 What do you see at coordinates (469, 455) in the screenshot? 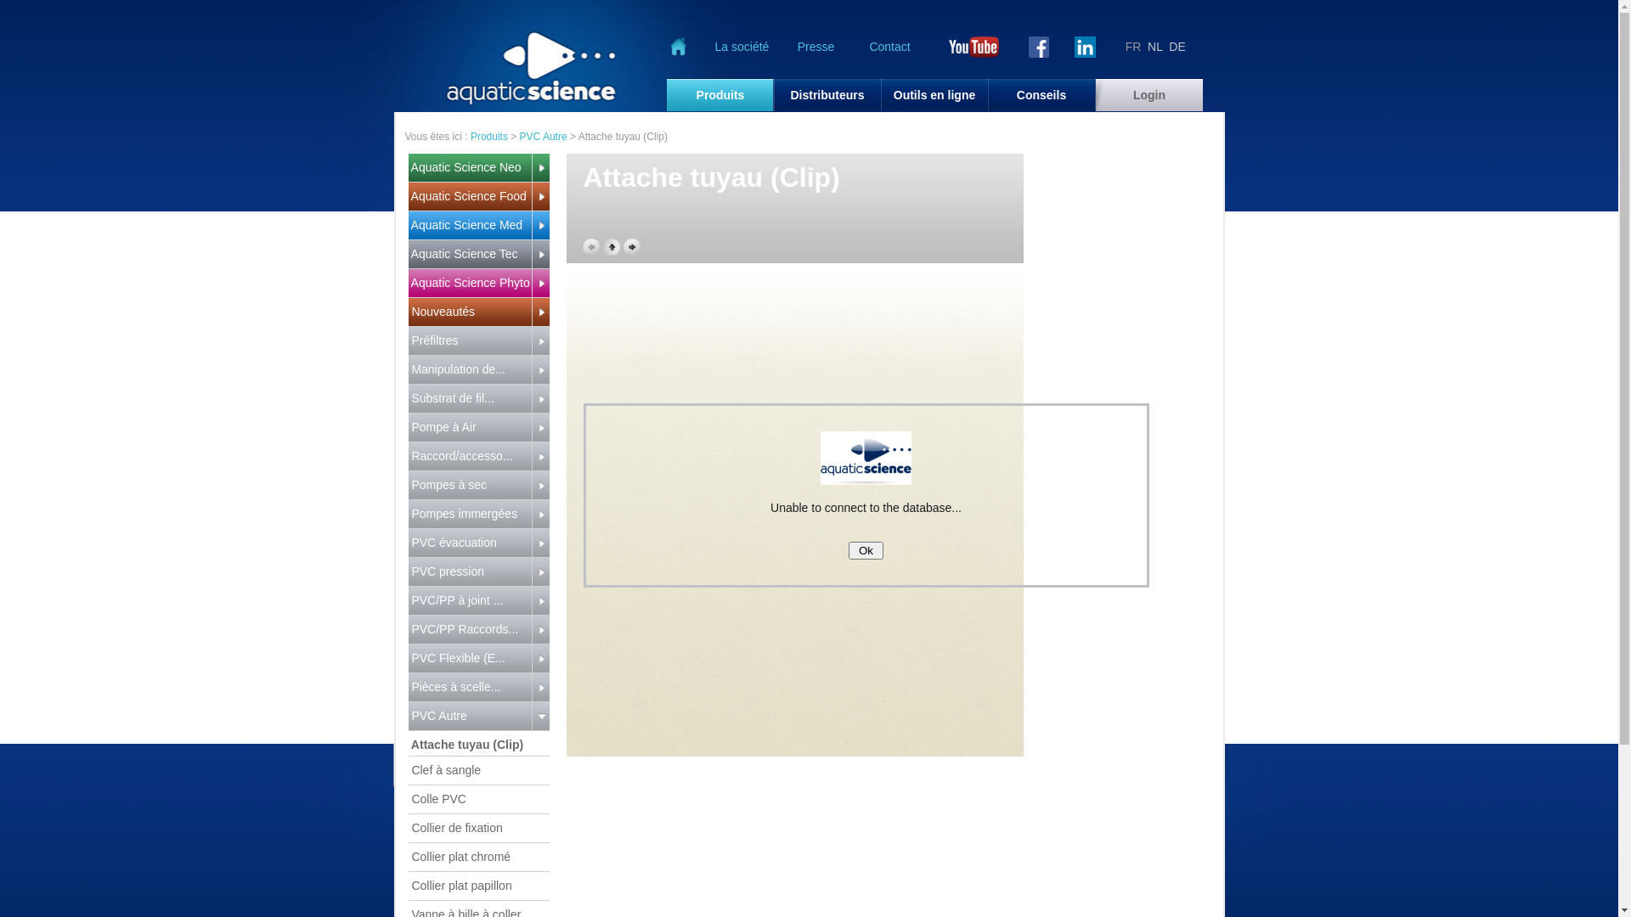
I see `' Raccord/accesso...'` at bounding box center [469, 455].